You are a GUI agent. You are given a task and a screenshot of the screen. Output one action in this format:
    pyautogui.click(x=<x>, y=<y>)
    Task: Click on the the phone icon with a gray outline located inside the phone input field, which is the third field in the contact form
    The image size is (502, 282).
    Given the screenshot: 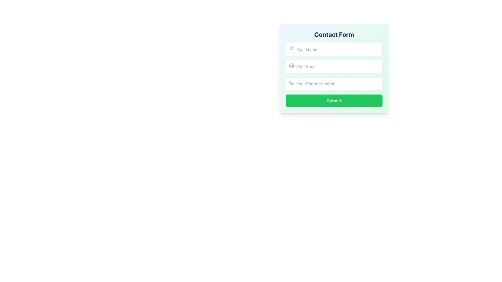 What is the action you would take?
    pyautogui.click(x=291, y=83)
    